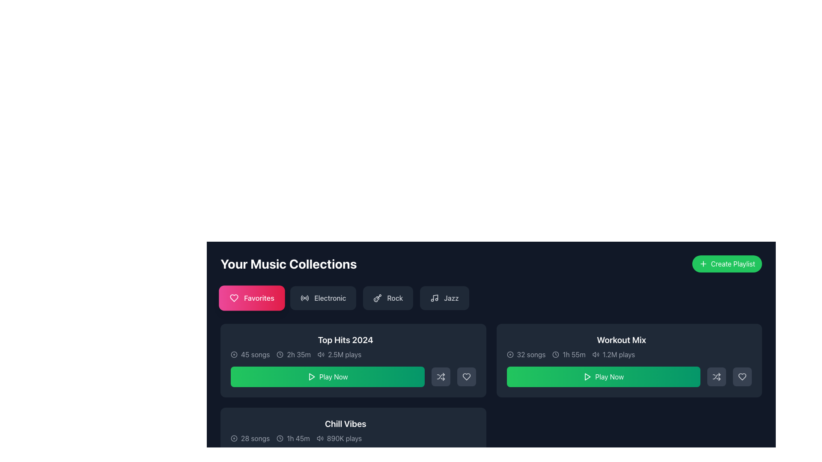 The height and width of the screenshot is (462, 822). What do you see at coordinates (345, 430) in the screenshot?
I see `the title of the music playlist metadata display element located in the lower section of the 'Your Music Collections' interface, specifically within the third card` at bounding box center [345, 430].